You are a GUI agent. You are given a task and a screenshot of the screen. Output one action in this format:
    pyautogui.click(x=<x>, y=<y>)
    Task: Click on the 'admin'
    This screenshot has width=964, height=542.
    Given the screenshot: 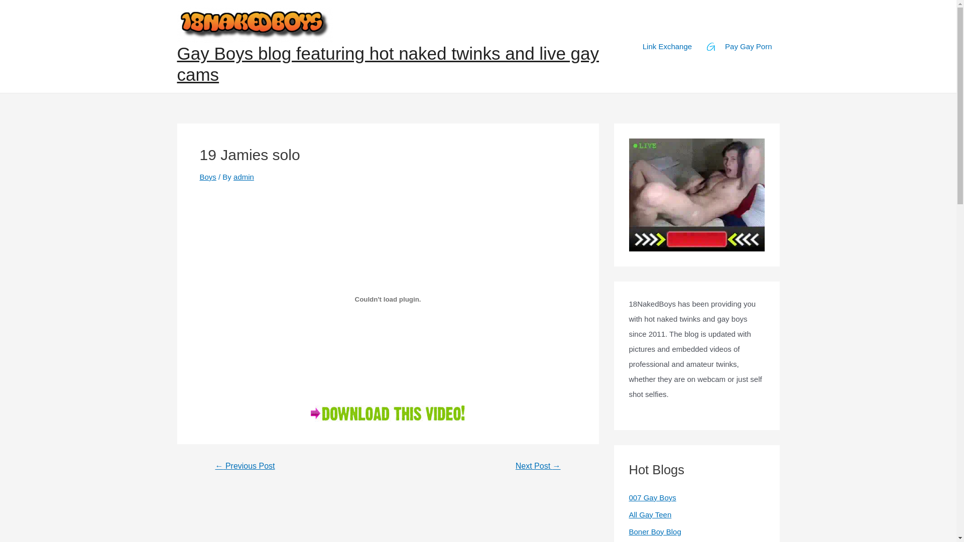 What is the action you would take?
    pyautogui.click(x=244, y=176)
    